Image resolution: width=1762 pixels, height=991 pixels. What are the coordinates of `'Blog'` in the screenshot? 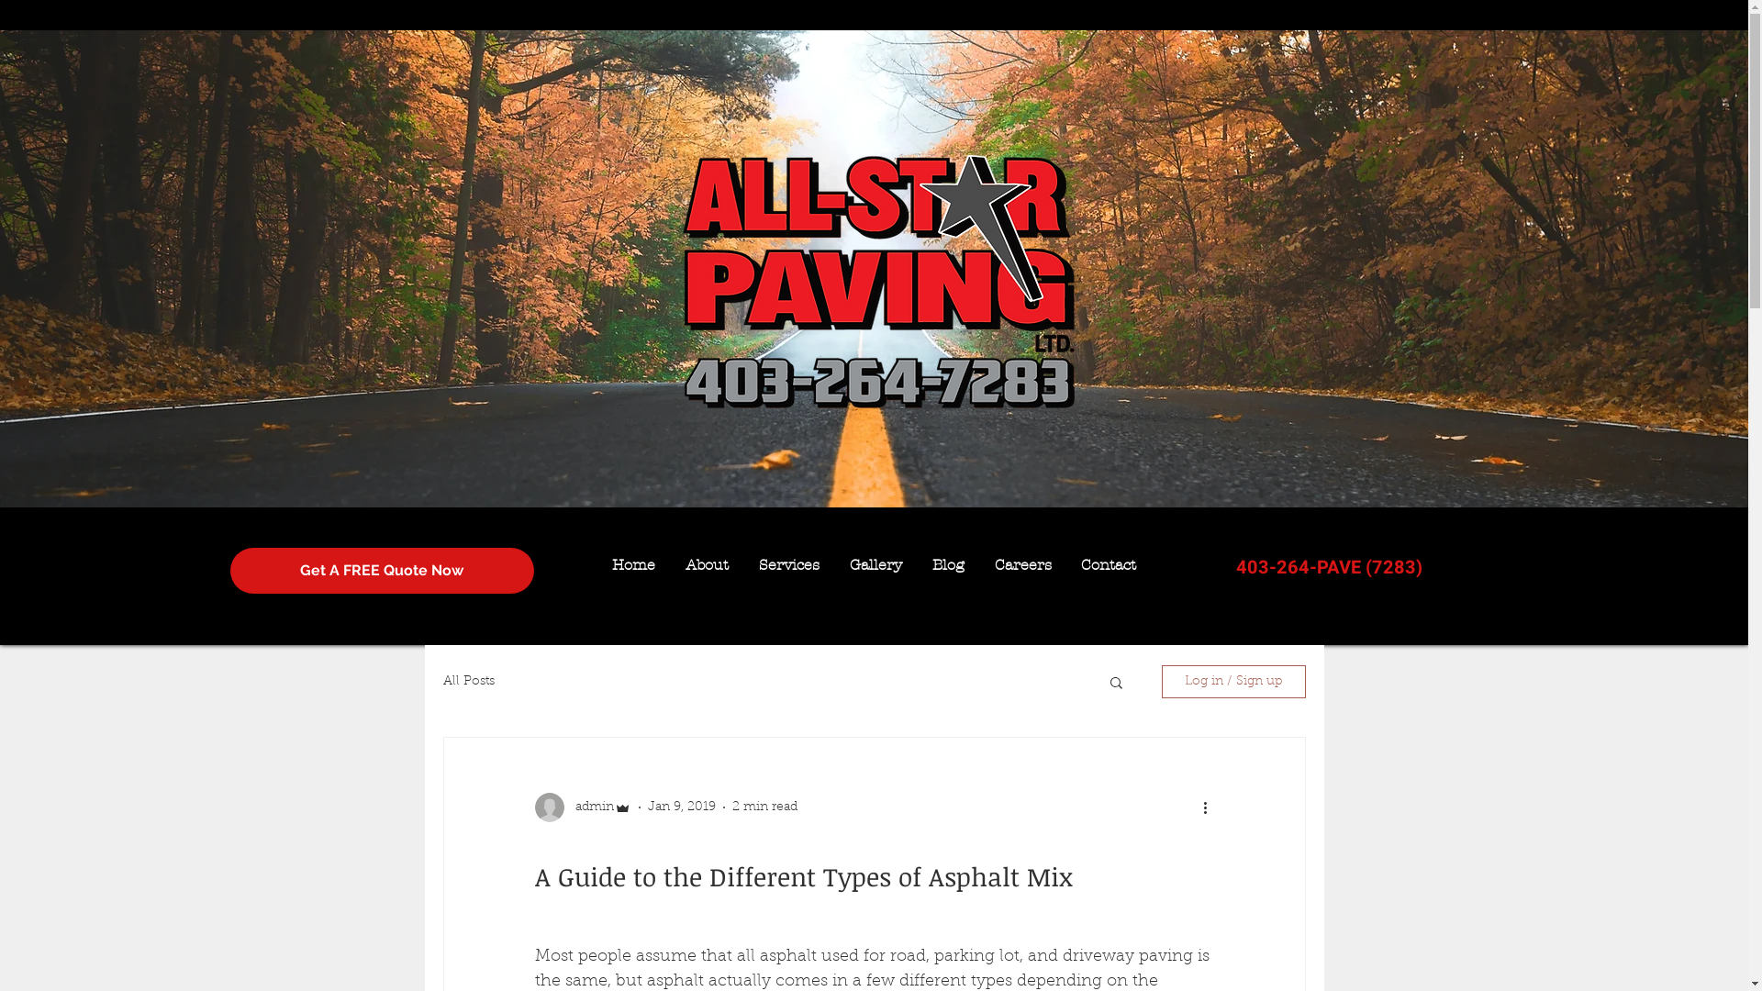 It's located at (948, 563).